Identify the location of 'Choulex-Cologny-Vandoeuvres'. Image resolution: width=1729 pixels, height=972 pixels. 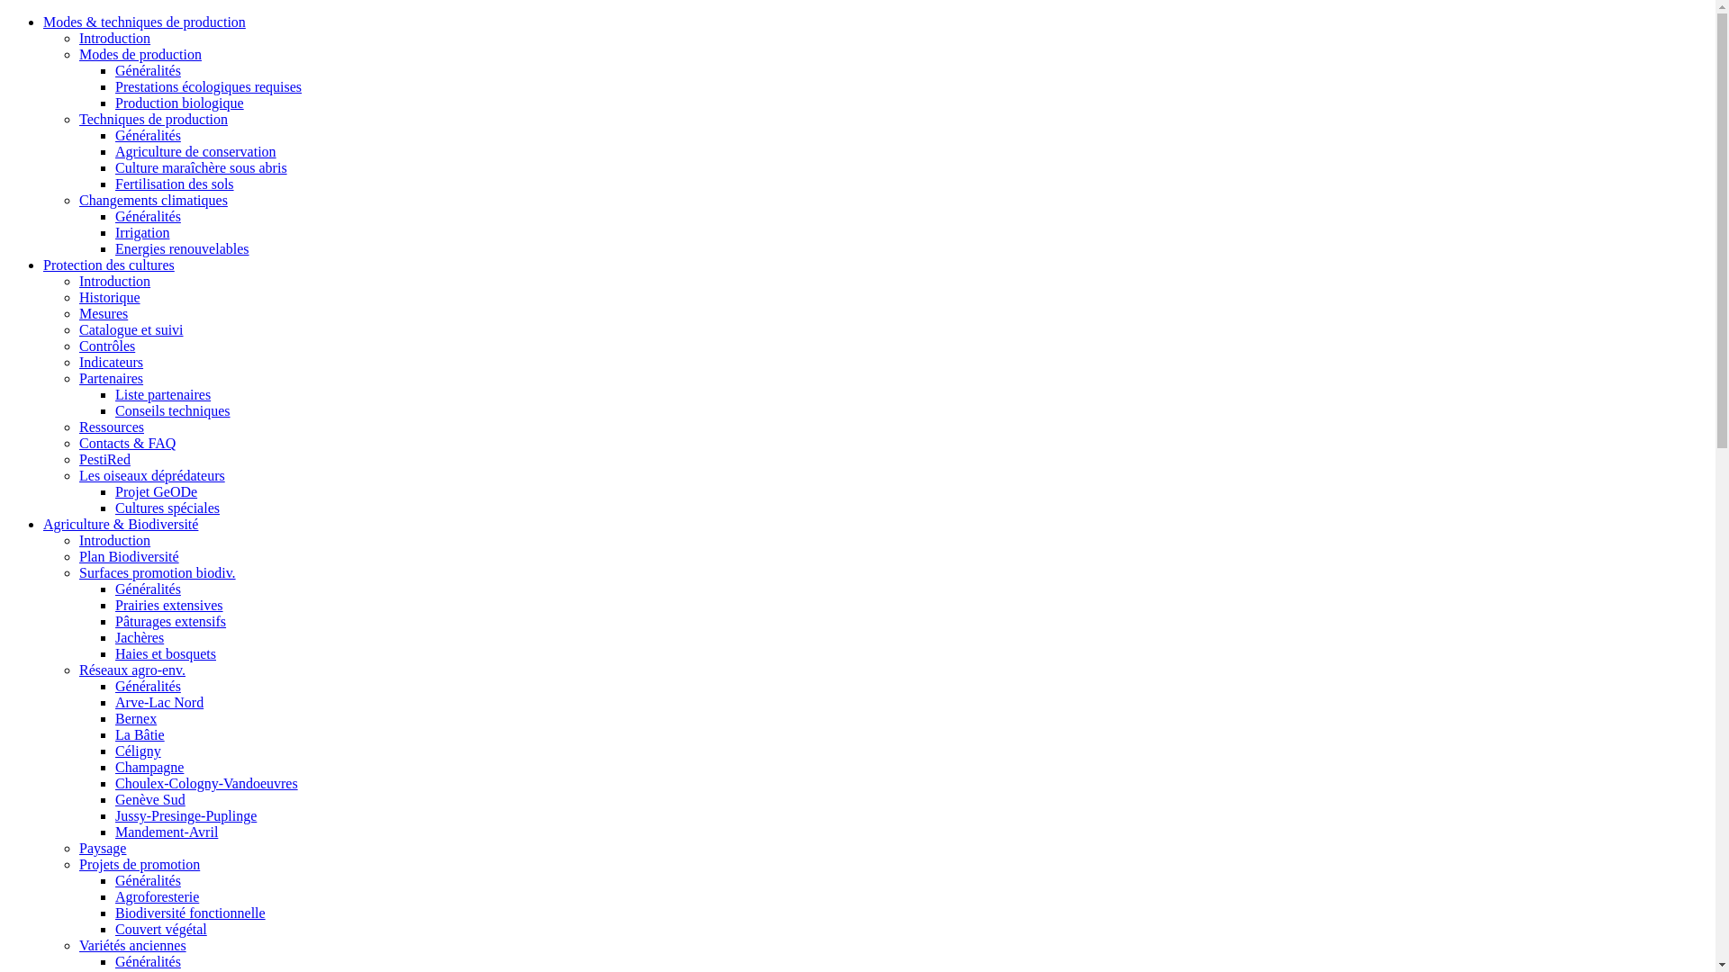
(114, 782).